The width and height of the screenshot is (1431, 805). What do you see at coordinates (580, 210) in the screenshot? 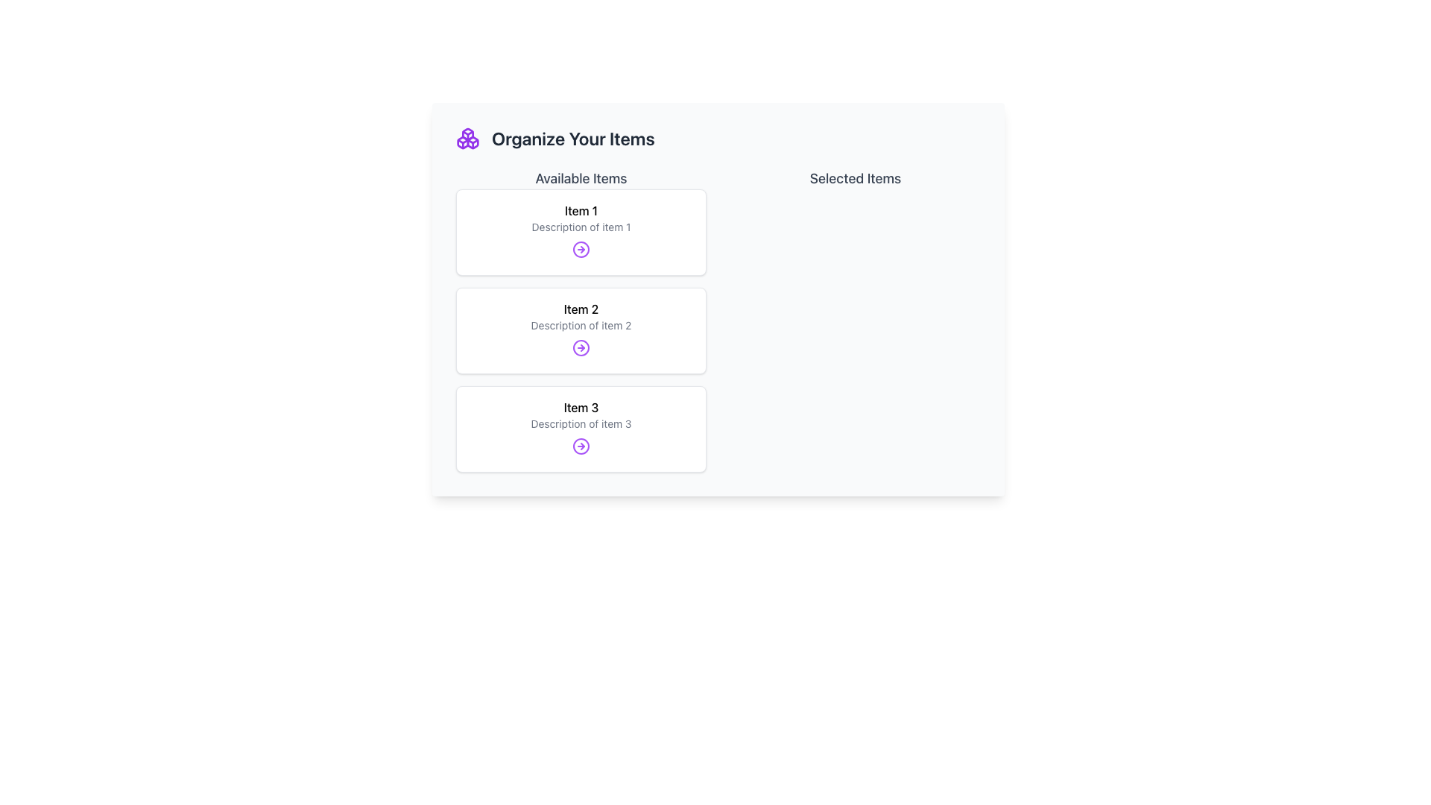
I see `text label displaying 'Item 1' located at the top of the first card under 'Available Items'` at bounding box center [580, 210].